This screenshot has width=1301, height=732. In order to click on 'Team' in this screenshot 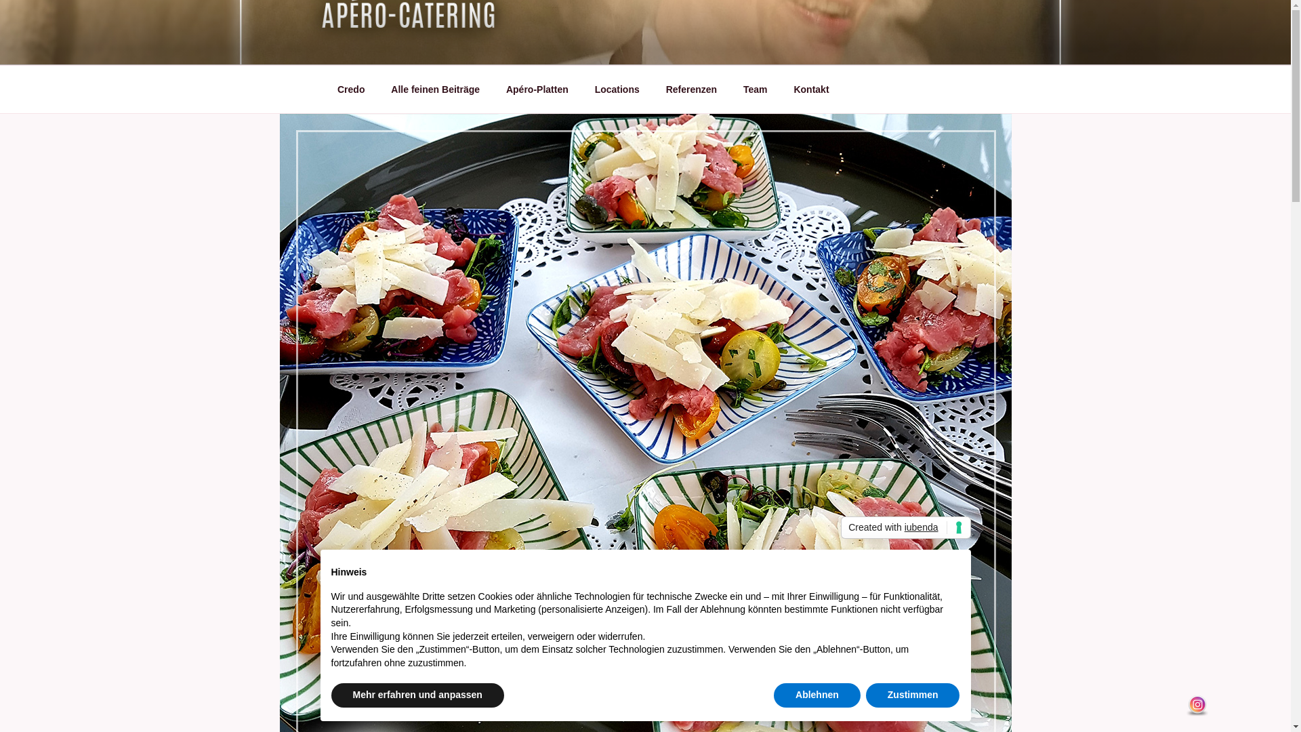, I will do `click(755, 89)`.